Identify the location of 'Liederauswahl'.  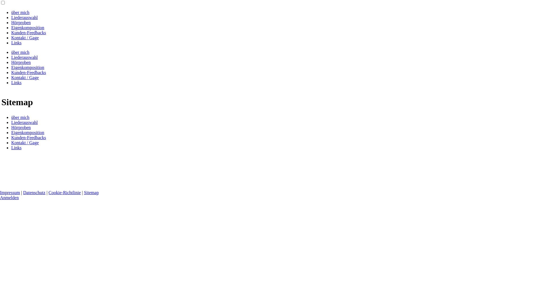
(24, 17).